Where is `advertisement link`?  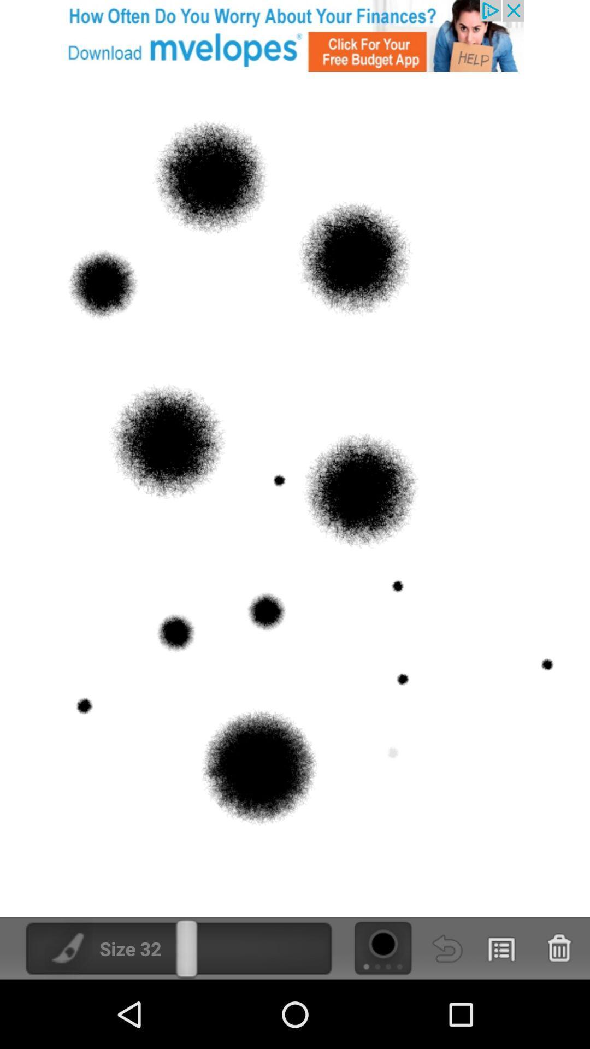 advertisement link is located at coordinates (295, 36).